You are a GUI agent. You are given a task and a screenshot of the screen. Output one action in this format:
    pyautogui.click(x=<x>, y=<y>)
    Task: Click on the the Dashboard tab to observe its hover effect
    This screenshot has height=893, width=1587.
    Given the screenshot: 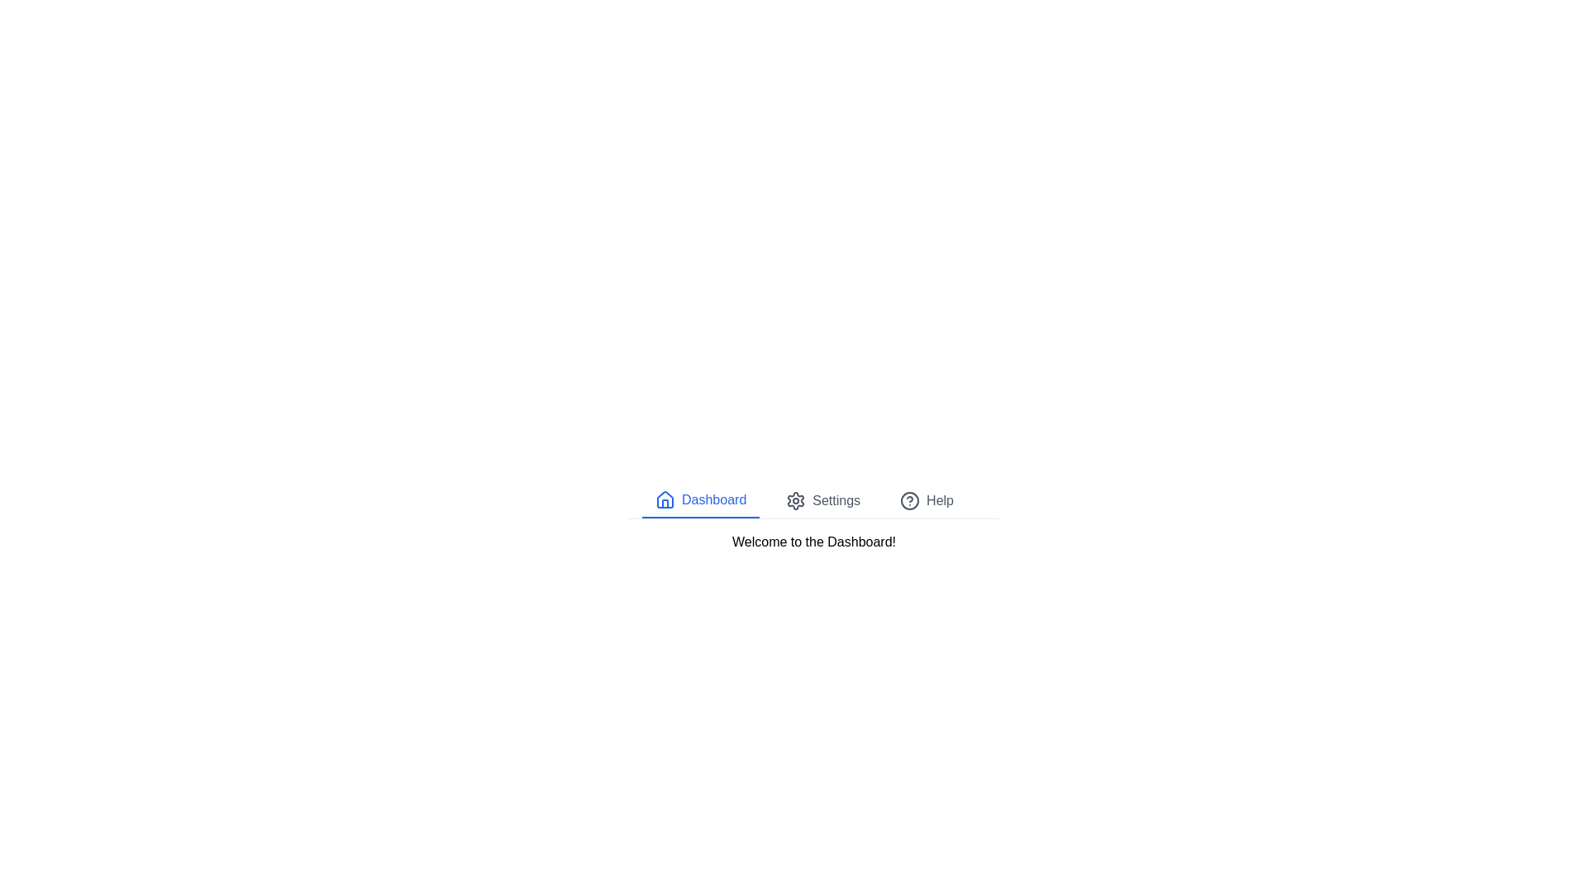 What is the action you would take?
    pyautogui.click(x=701, y=499)
    